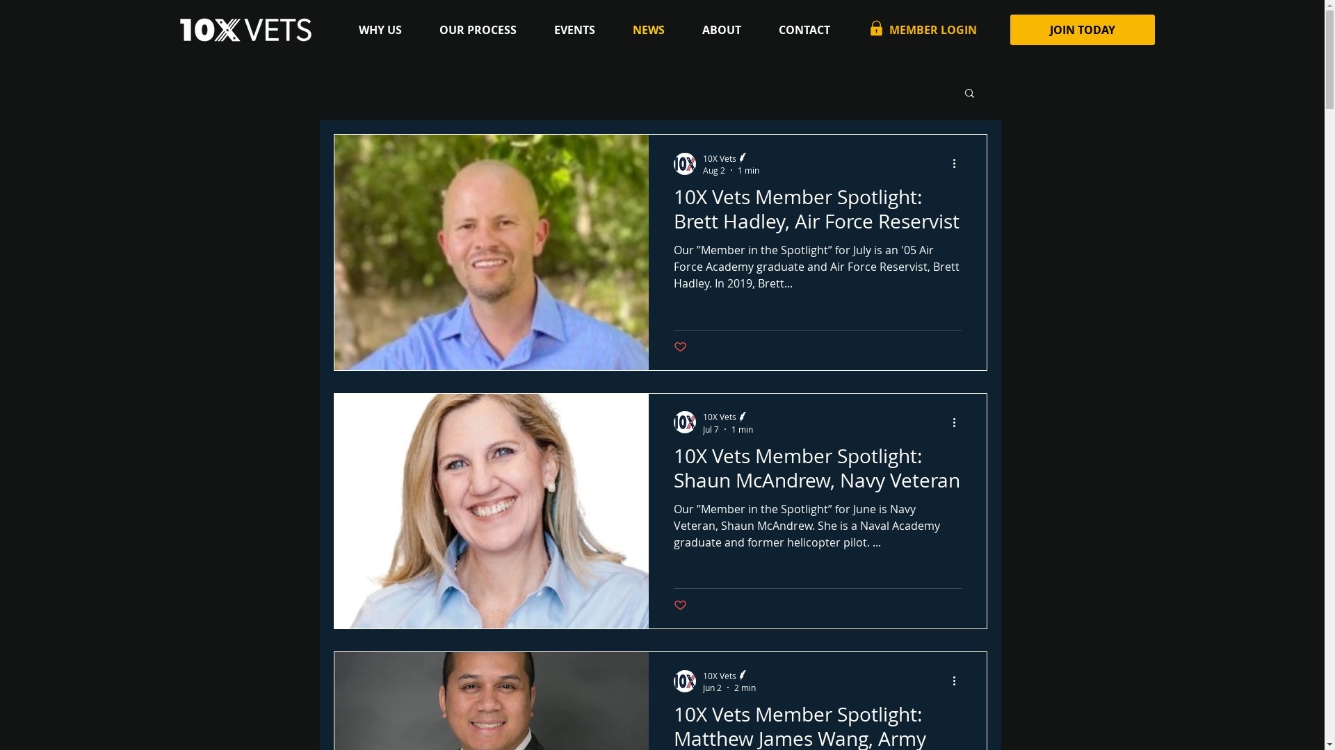 The height and width of the screenshot is (750, 1335). Describe the element at coordinates (729, 157) in the screenshot. I see `'10X Vets'` at that location.